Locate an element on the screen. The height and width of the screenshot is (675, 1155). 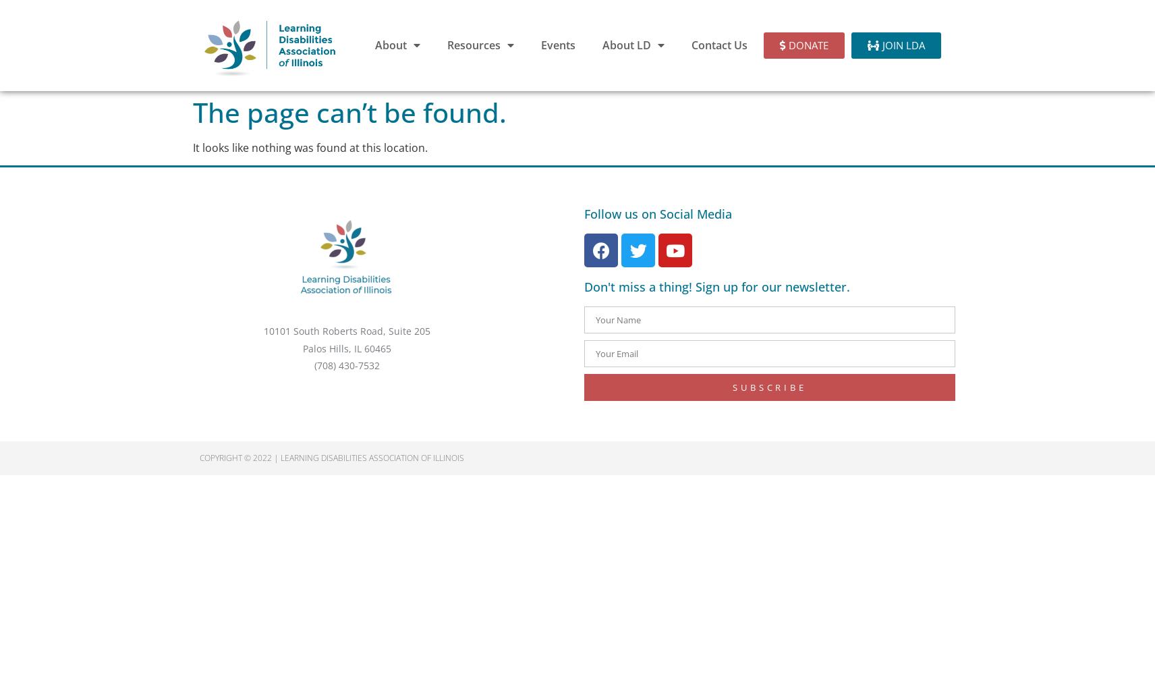
'Follow us on Social Media' is located at coordinates (583, 213).